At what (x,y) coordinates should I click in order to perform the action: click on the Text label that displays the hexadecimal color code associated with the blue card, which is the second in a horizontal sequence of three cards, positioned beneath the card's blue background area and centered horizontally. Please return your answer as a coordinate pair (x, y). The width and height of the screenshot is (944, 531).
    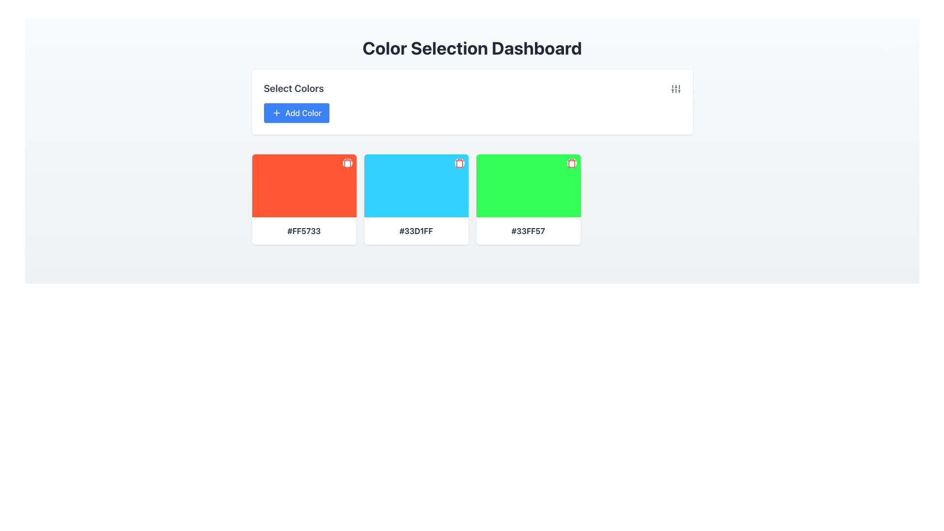
    Looking at the image, I should click on (416, 231).